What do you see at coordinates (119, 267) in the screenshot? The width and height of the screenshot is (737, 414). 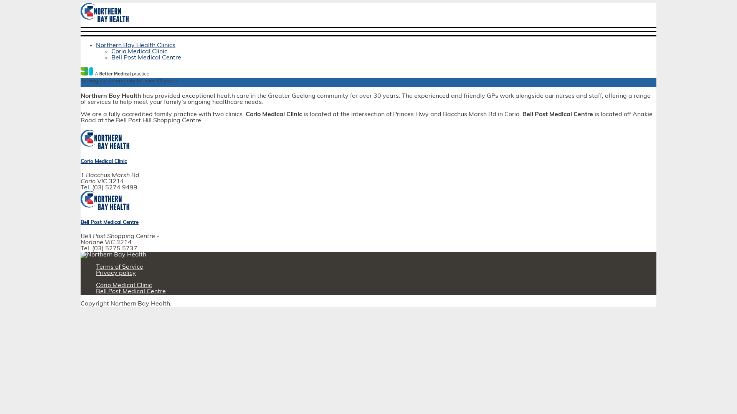 I see `'Terms of Service'` at bounding box center [119, 267].